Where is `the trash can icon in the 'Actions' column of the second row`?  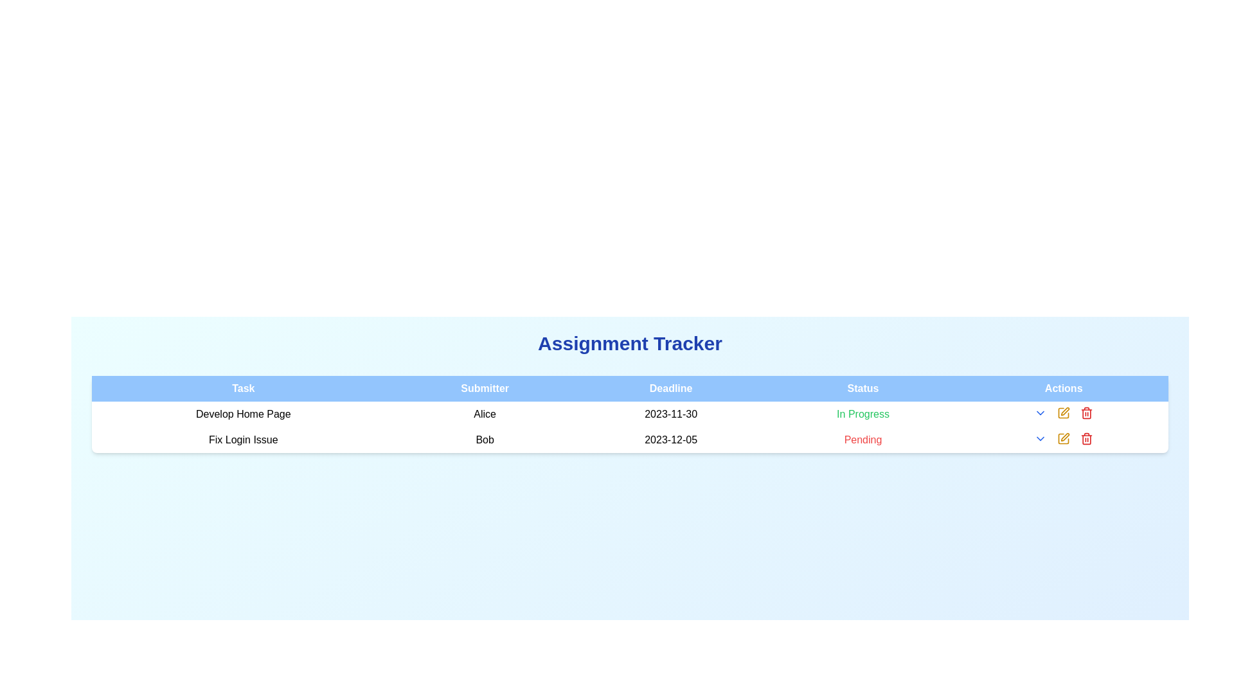 the trash can icon in the 'Actions' column of the second row is located at coordinates (1086, 414).